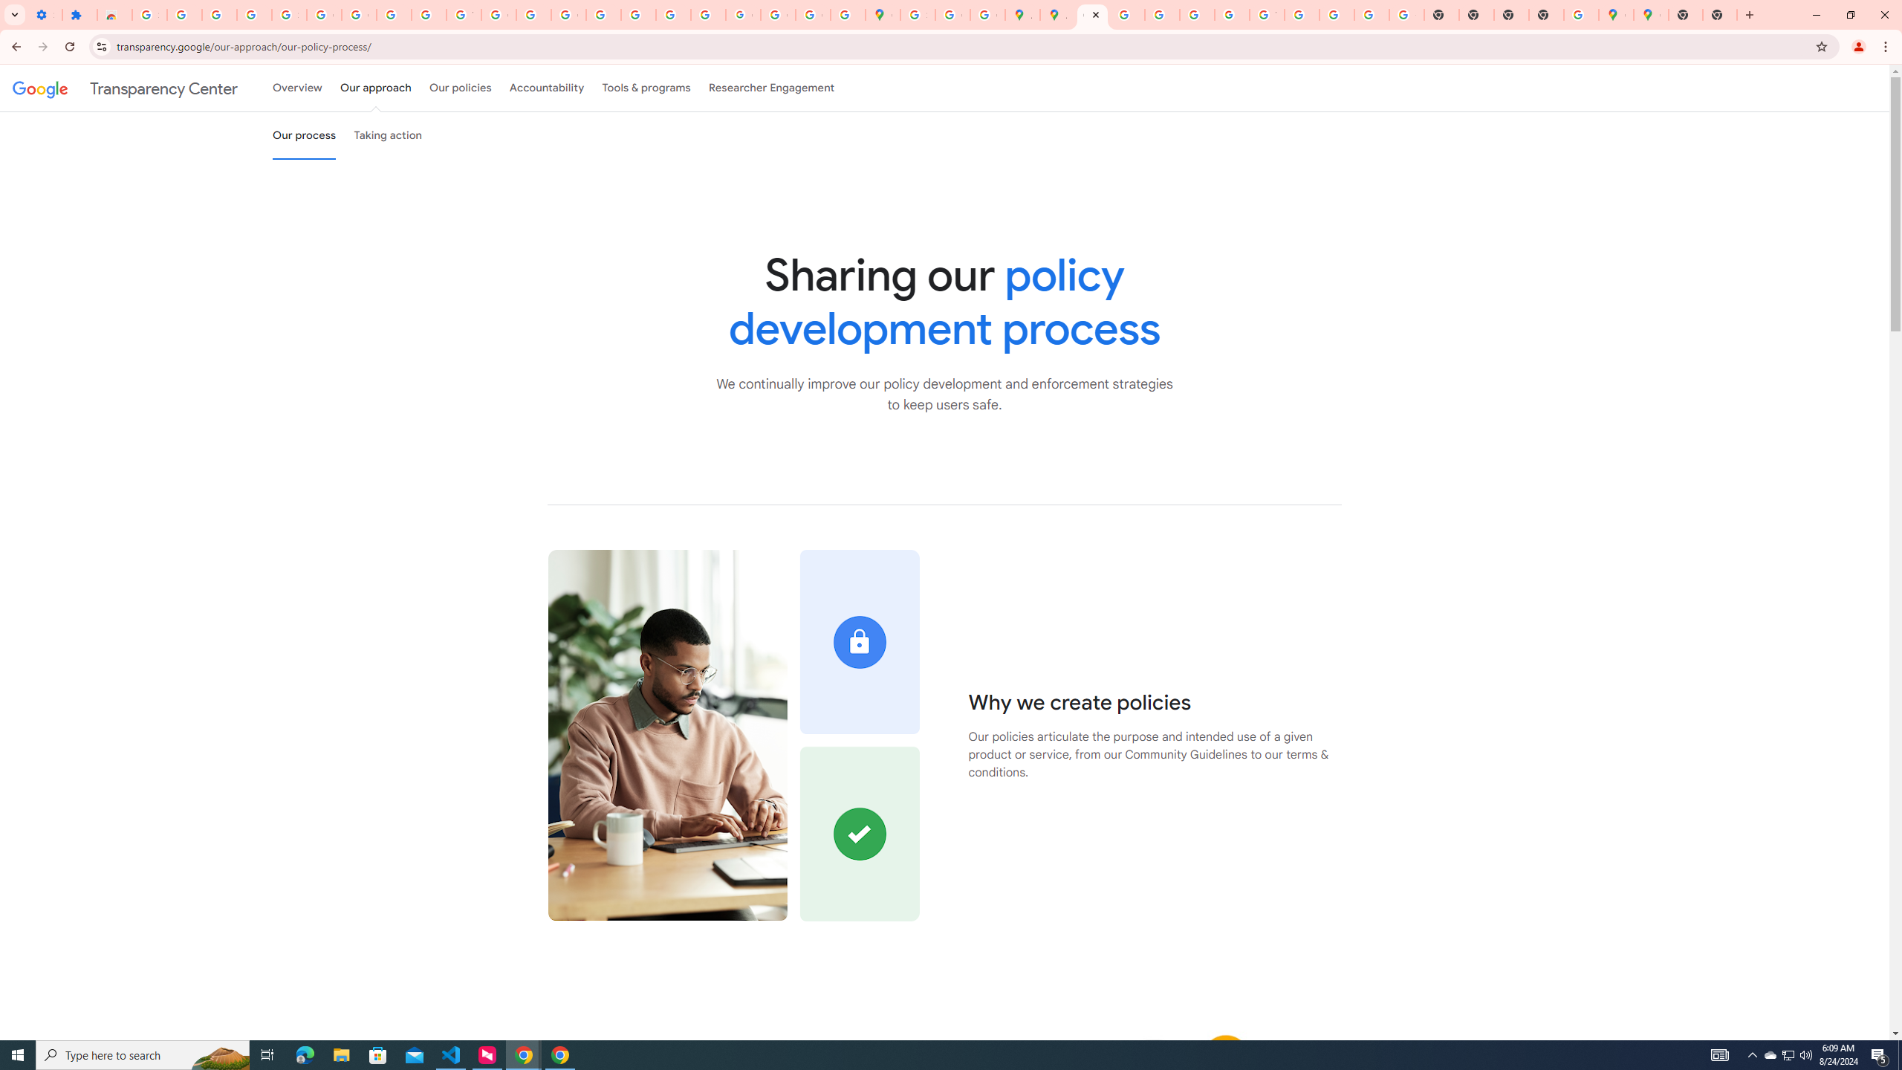 This screenshot has height=1070, width=1902. I want to click on 'Google Account Help', so click(358, 14).